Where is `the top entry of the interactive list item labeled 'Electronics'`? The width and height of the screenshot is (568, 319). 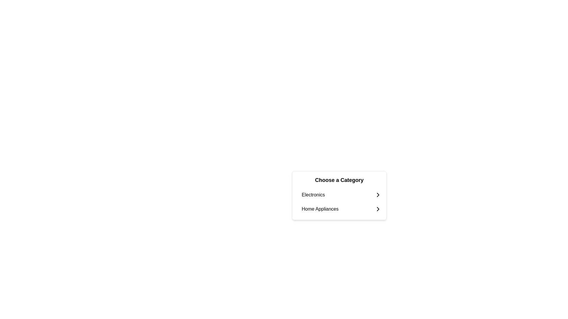 the top entry of the interactive list item labeled 'Electronics' is located at coordinates (342, 195).